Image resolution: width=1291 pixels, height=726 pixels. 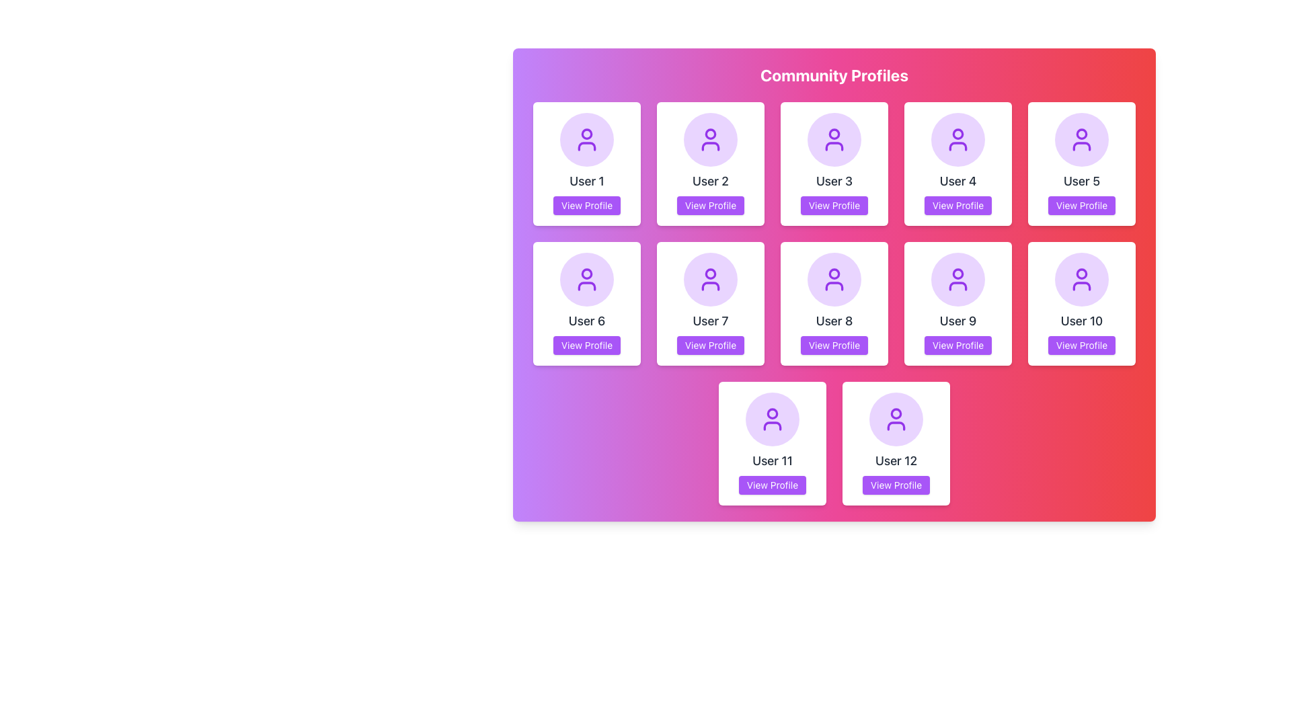 I want to click on the user avatar icon for the 'User 10' profile located in the top-right corner of the 'User 10' card under the 'Community Profiles' header, so click(x=1081, y=279).